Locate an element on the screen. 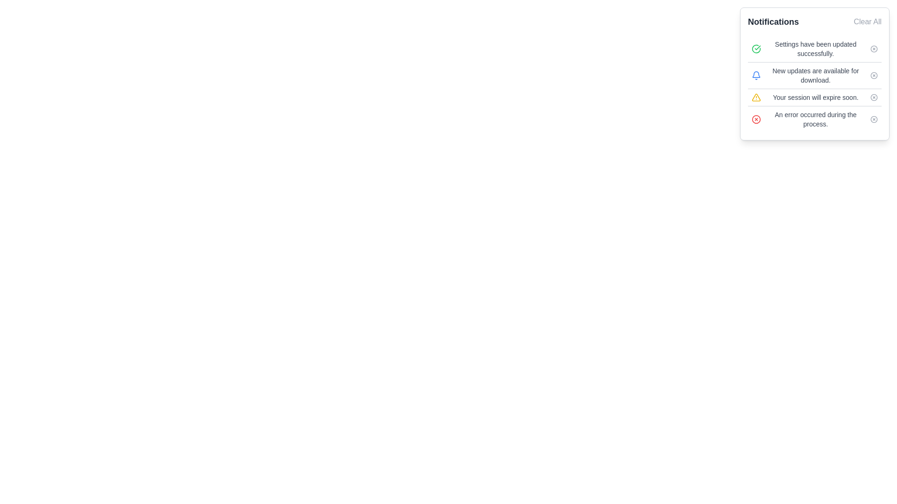  text content of the notification stating 'Settings have been updated successfully.' which is displayed in a small gray font within the first notification entry is located at coordinates (815, 49).